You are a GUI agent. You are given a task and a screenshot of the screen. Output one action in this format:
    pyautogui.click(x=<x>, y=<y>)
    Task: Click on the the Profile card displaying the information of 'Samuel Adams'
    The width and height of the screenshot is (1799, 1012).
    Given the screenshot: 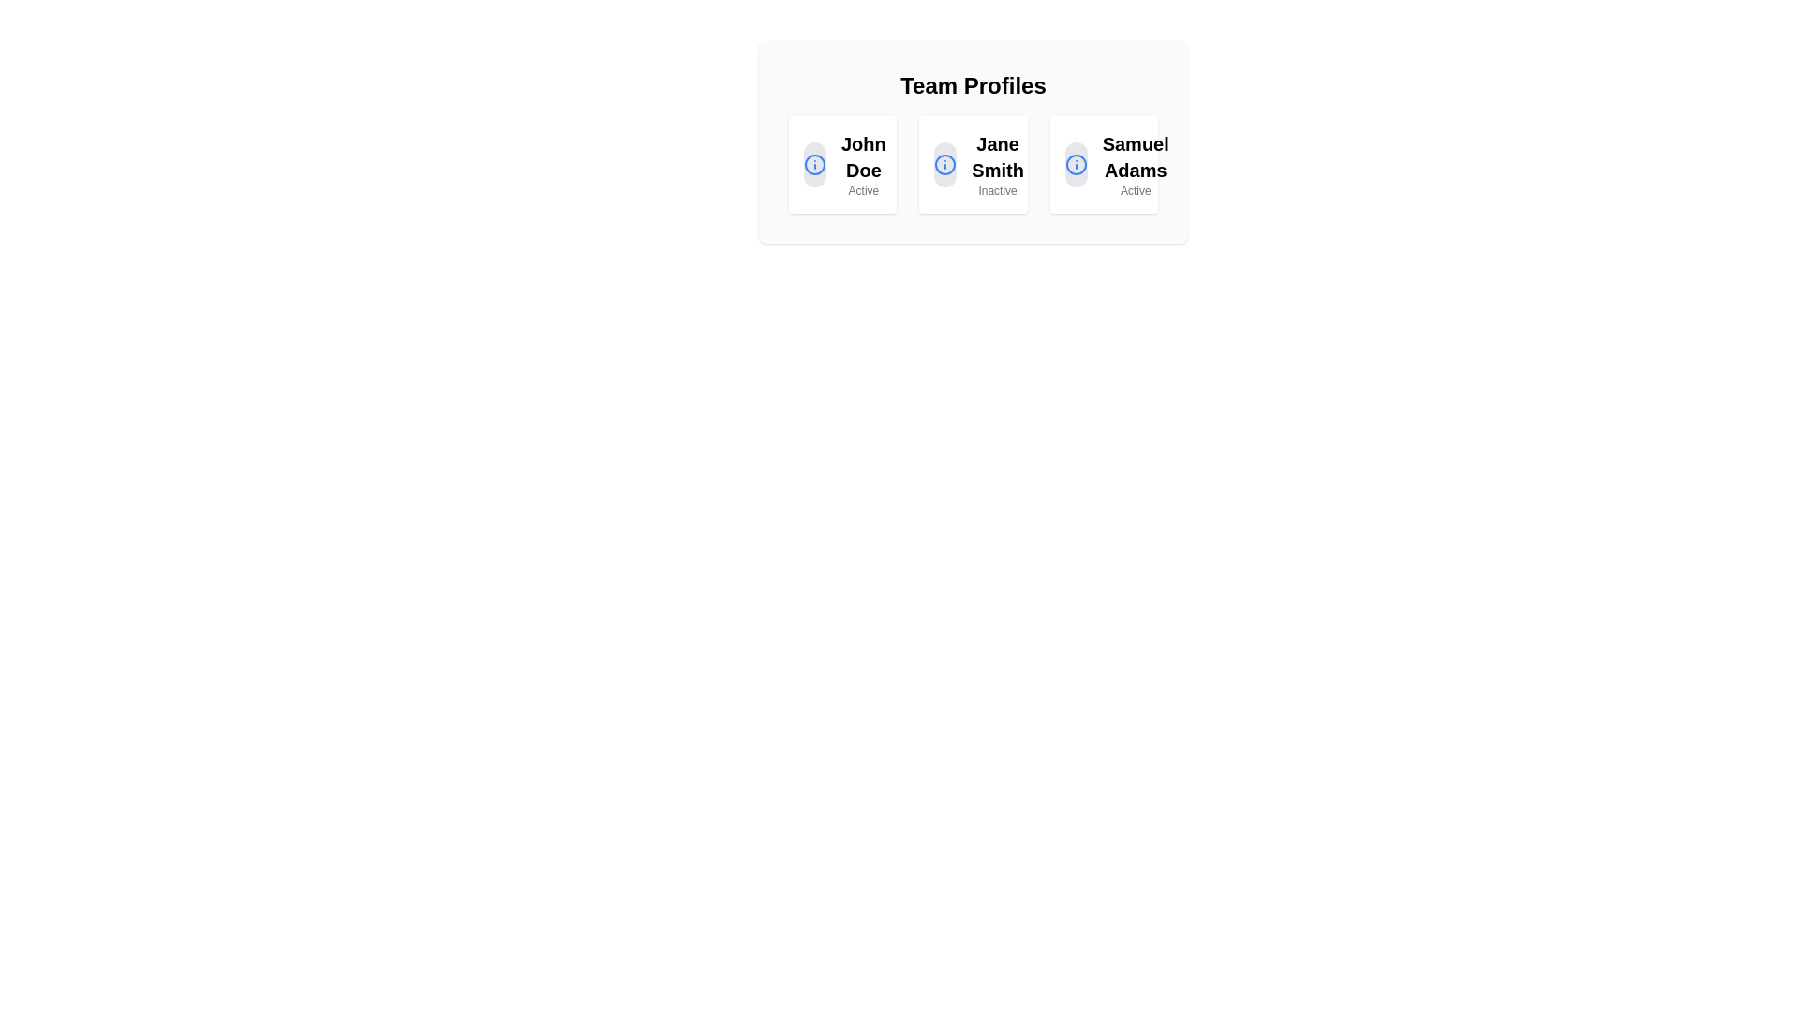 What is the action you would take?
    pyautogui.click(x=1104, y=164)
    